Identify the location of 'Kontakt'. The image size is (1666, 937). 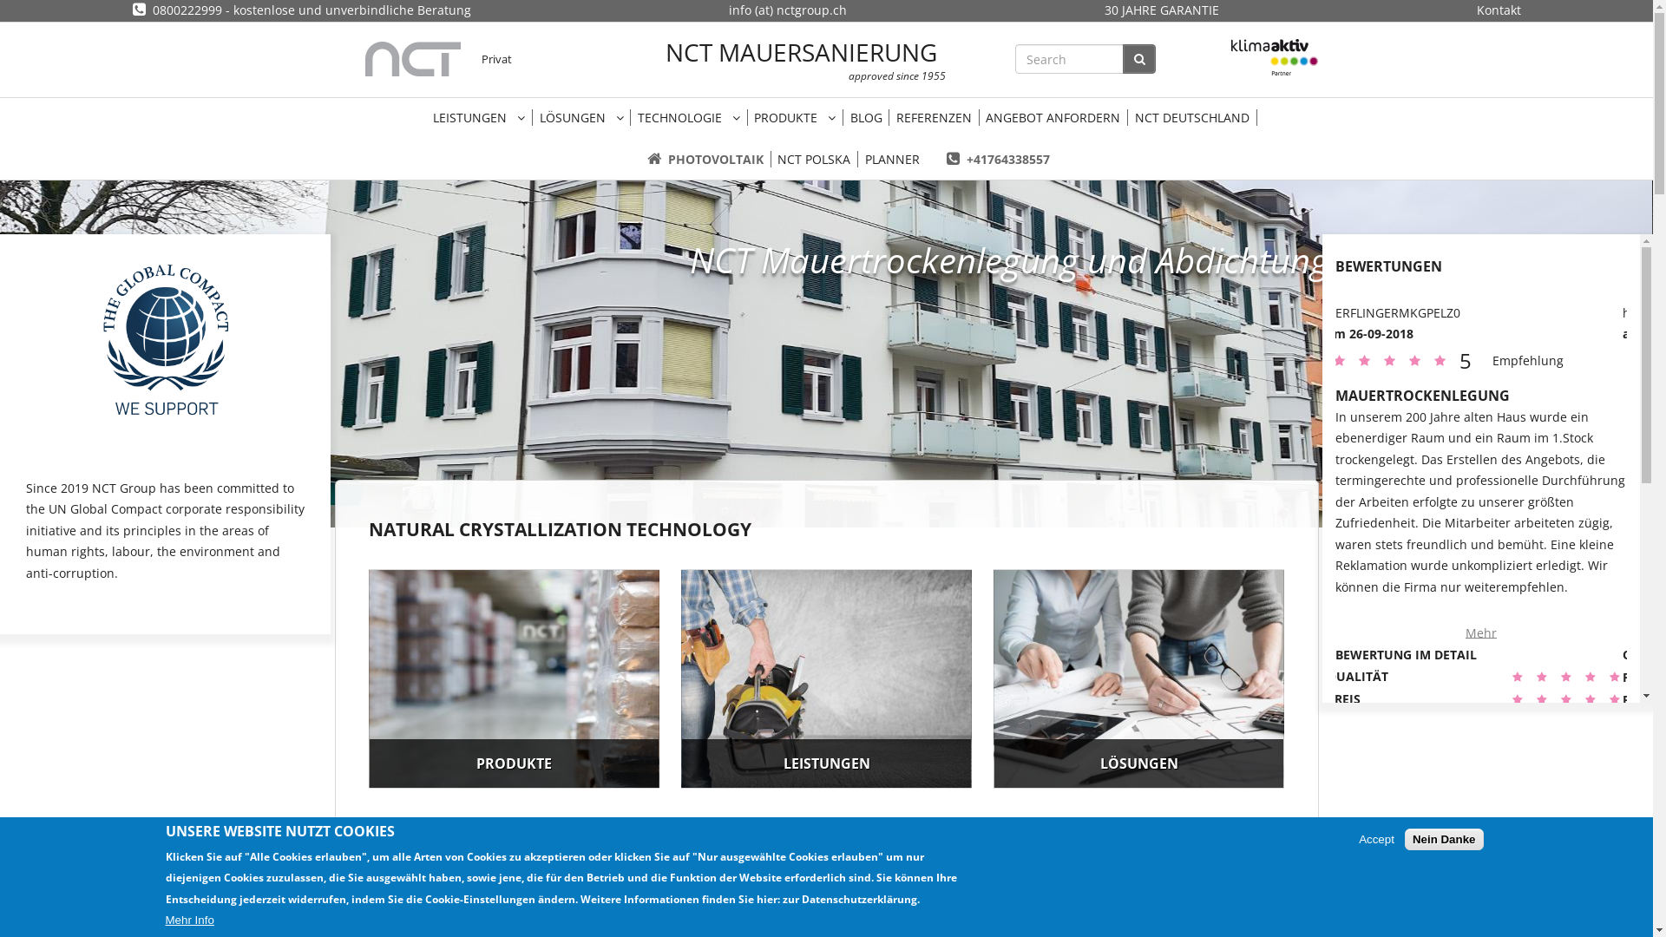
(1498, 10).